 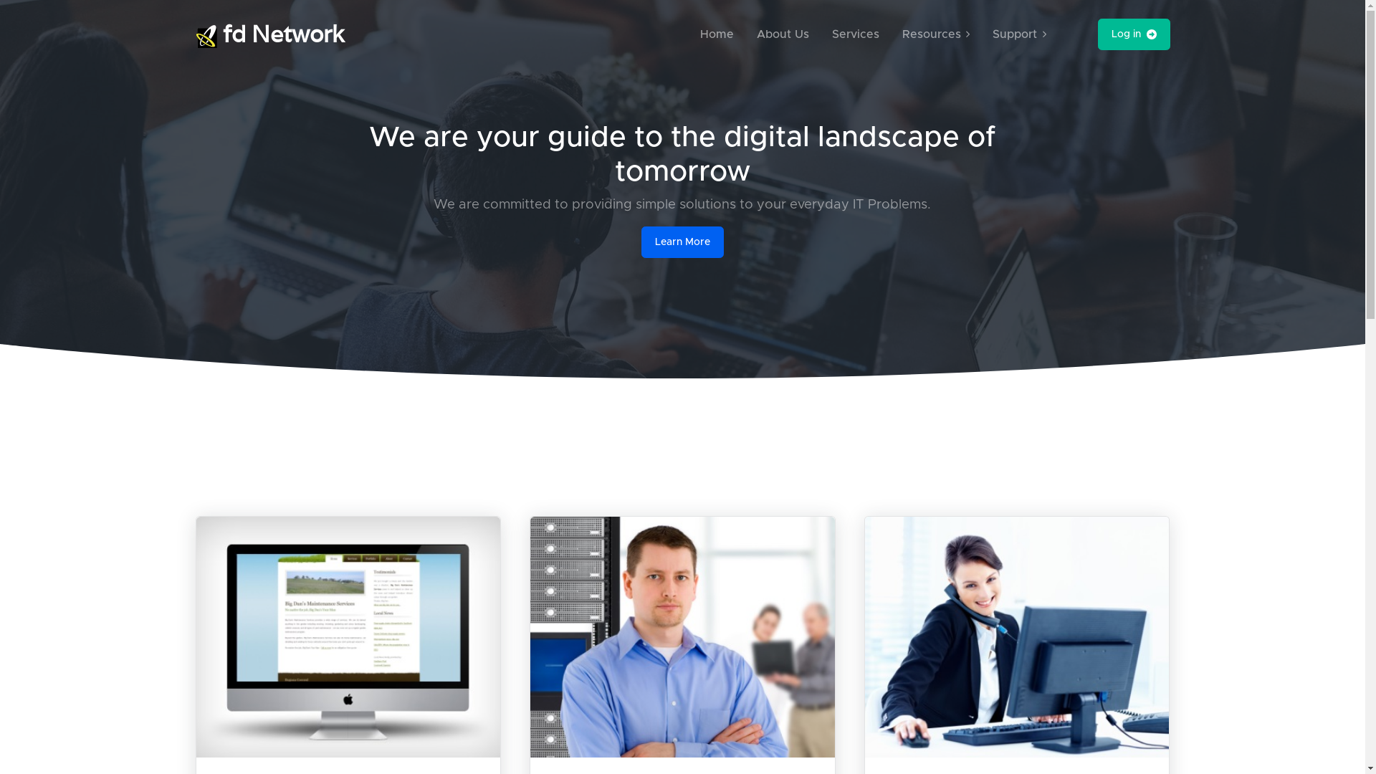 I want to click on 'Support', so click(x=1018, y=33).